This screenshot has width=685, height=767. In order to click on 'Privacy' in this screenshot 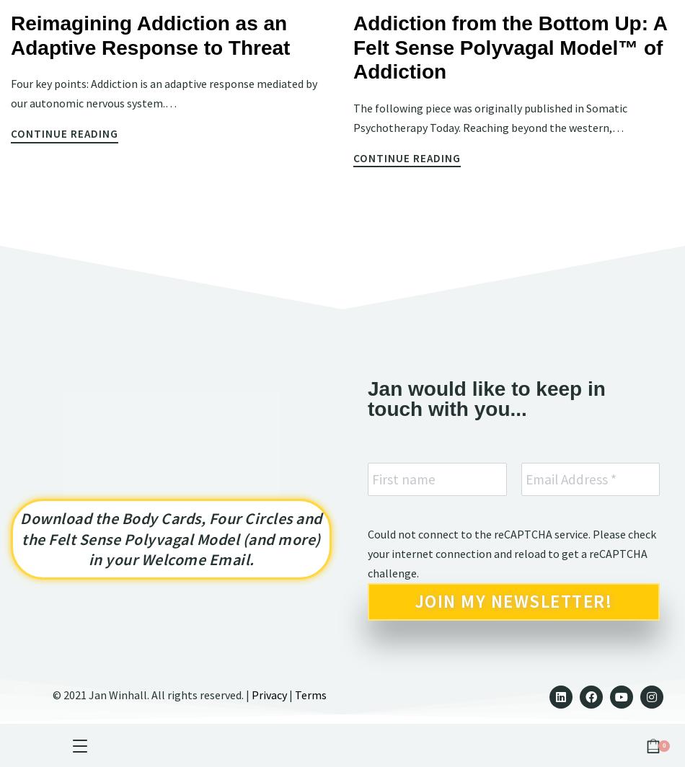, I will do `click(268, 694)`.